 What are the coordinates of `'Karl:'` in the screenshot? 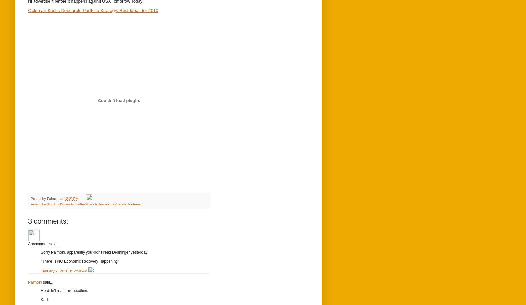 It's located at (45, 299).